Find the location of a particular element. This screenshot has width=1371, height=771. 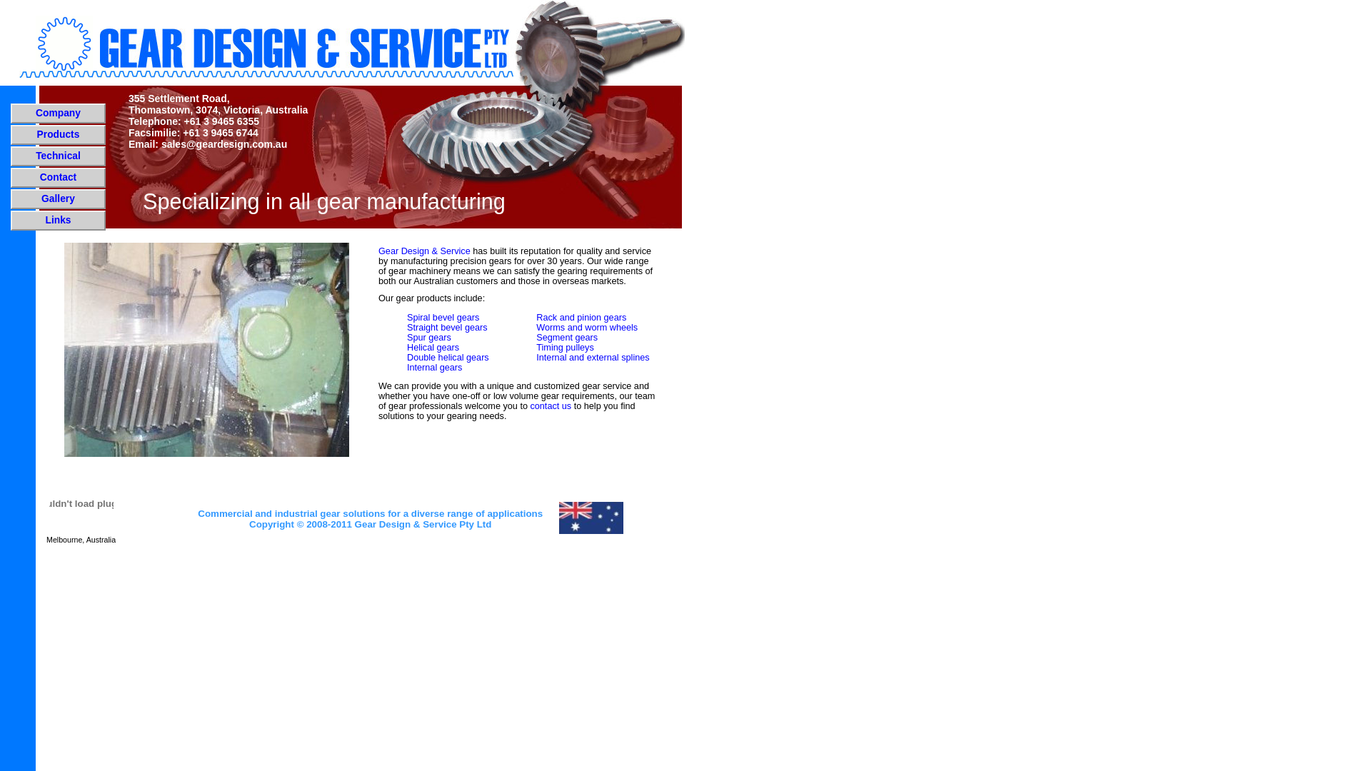

'Gallery' is located at coordinates (57, 198).